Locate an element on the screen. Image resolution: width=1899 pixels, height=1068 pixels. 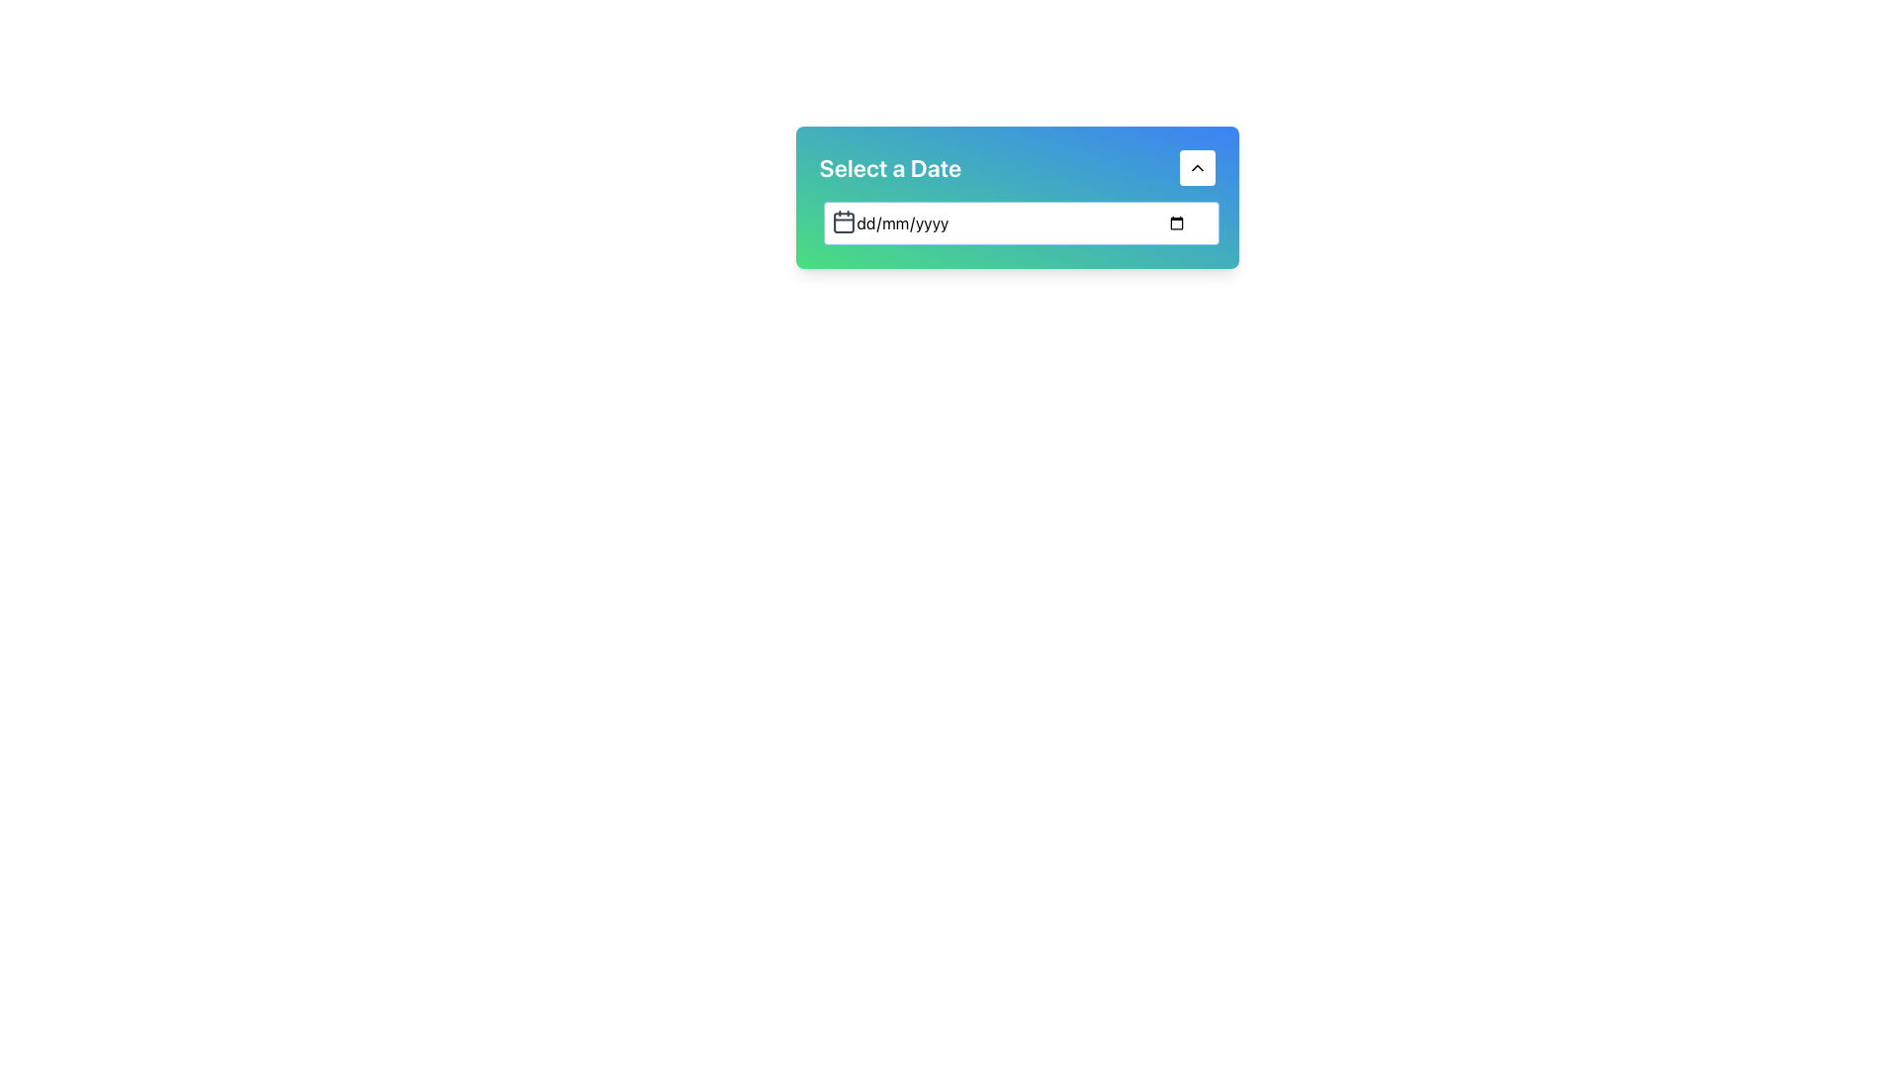
the upward chevron icon button located in the top-right corner of the date-picker interface is located at coordinates (1196, 166).